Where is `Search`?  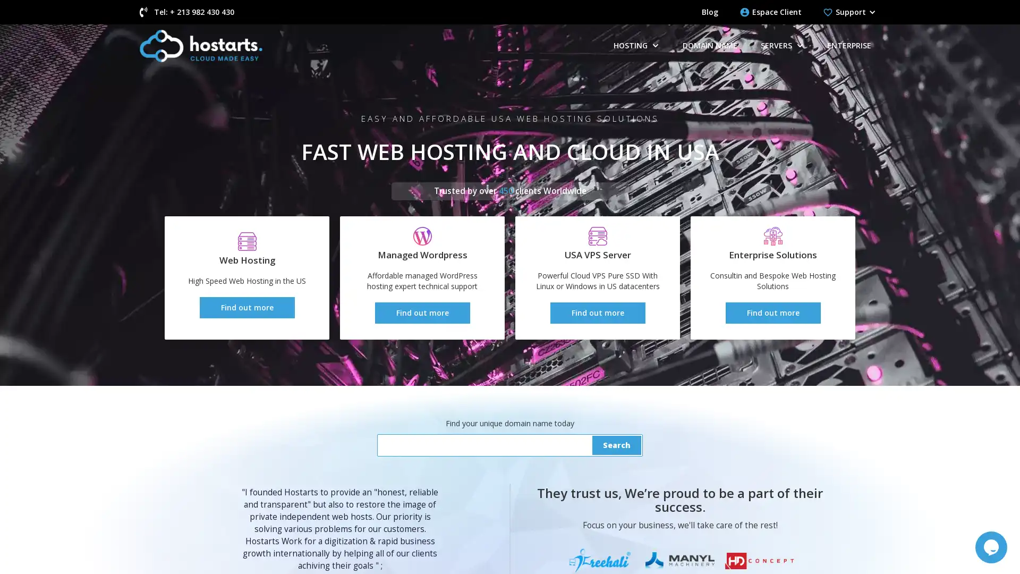 Search is located at coordinates (617, 445).